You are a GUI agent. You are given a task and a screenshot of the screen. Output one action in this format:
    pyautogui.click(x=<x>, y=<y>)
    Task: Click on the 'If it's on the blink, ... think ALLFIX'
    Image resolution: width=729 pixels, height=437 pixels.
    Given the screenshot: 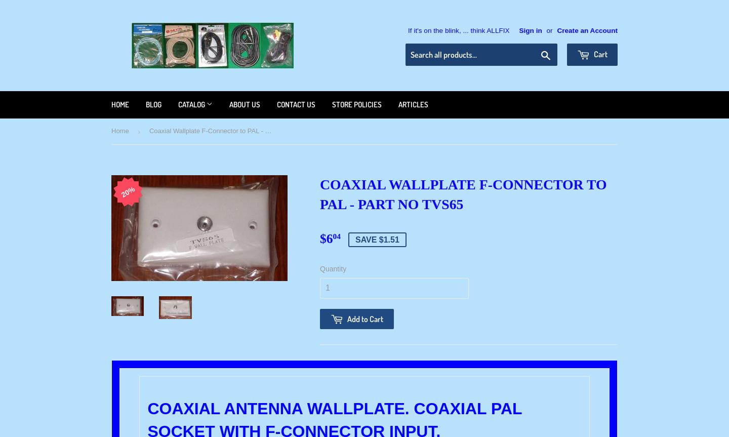 What is the action you would take?
    pyautogui.click(x=460, y=30)
    